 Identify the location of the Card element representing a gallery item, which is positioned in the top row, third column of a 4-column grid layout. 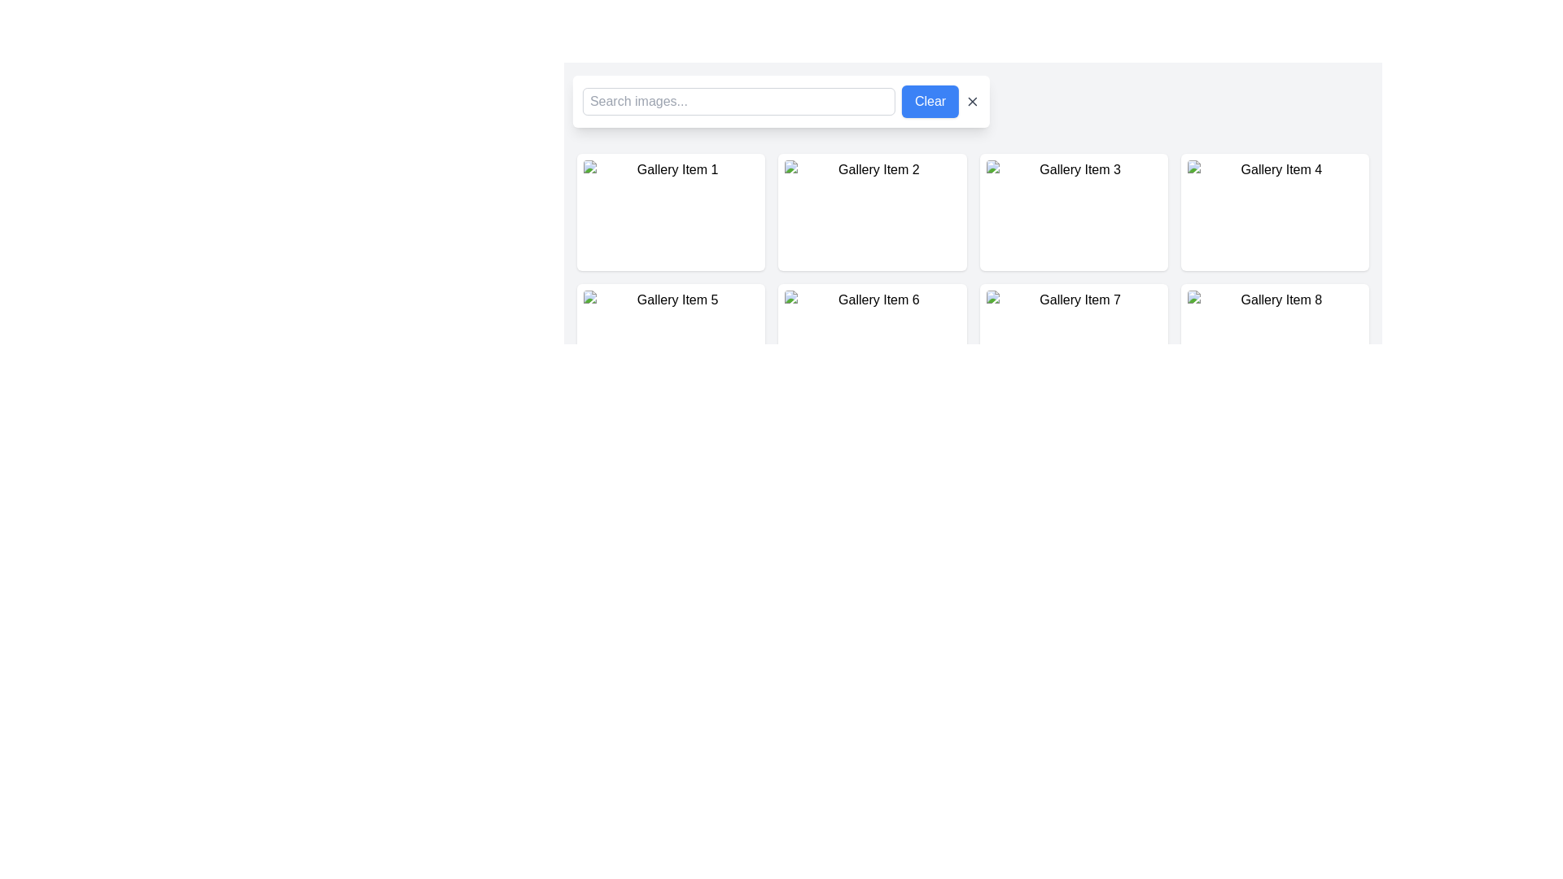
(1074, 212).